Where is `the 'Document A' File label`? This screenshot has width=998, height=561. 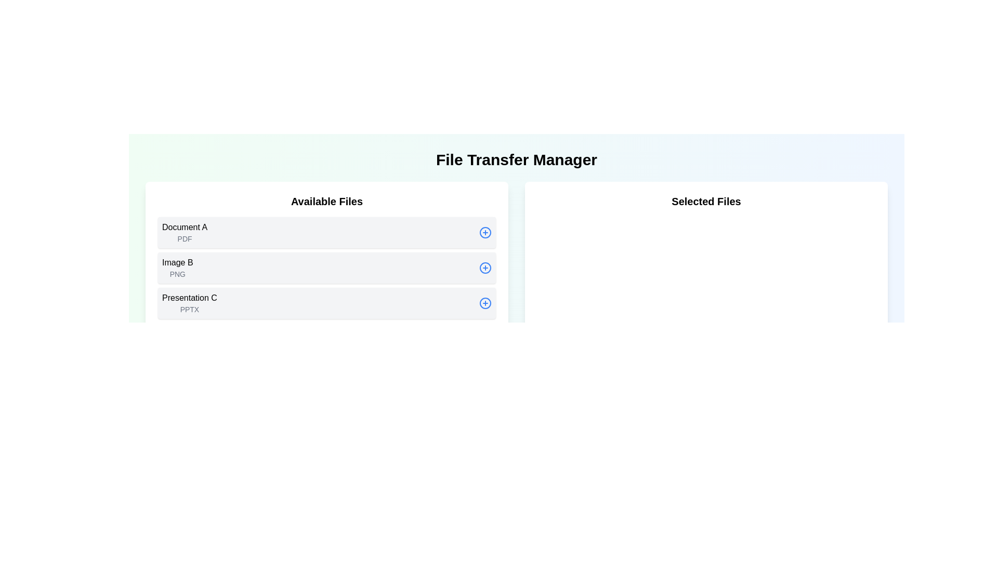 the 'Document A' File label is located at coordinates (185, 232).